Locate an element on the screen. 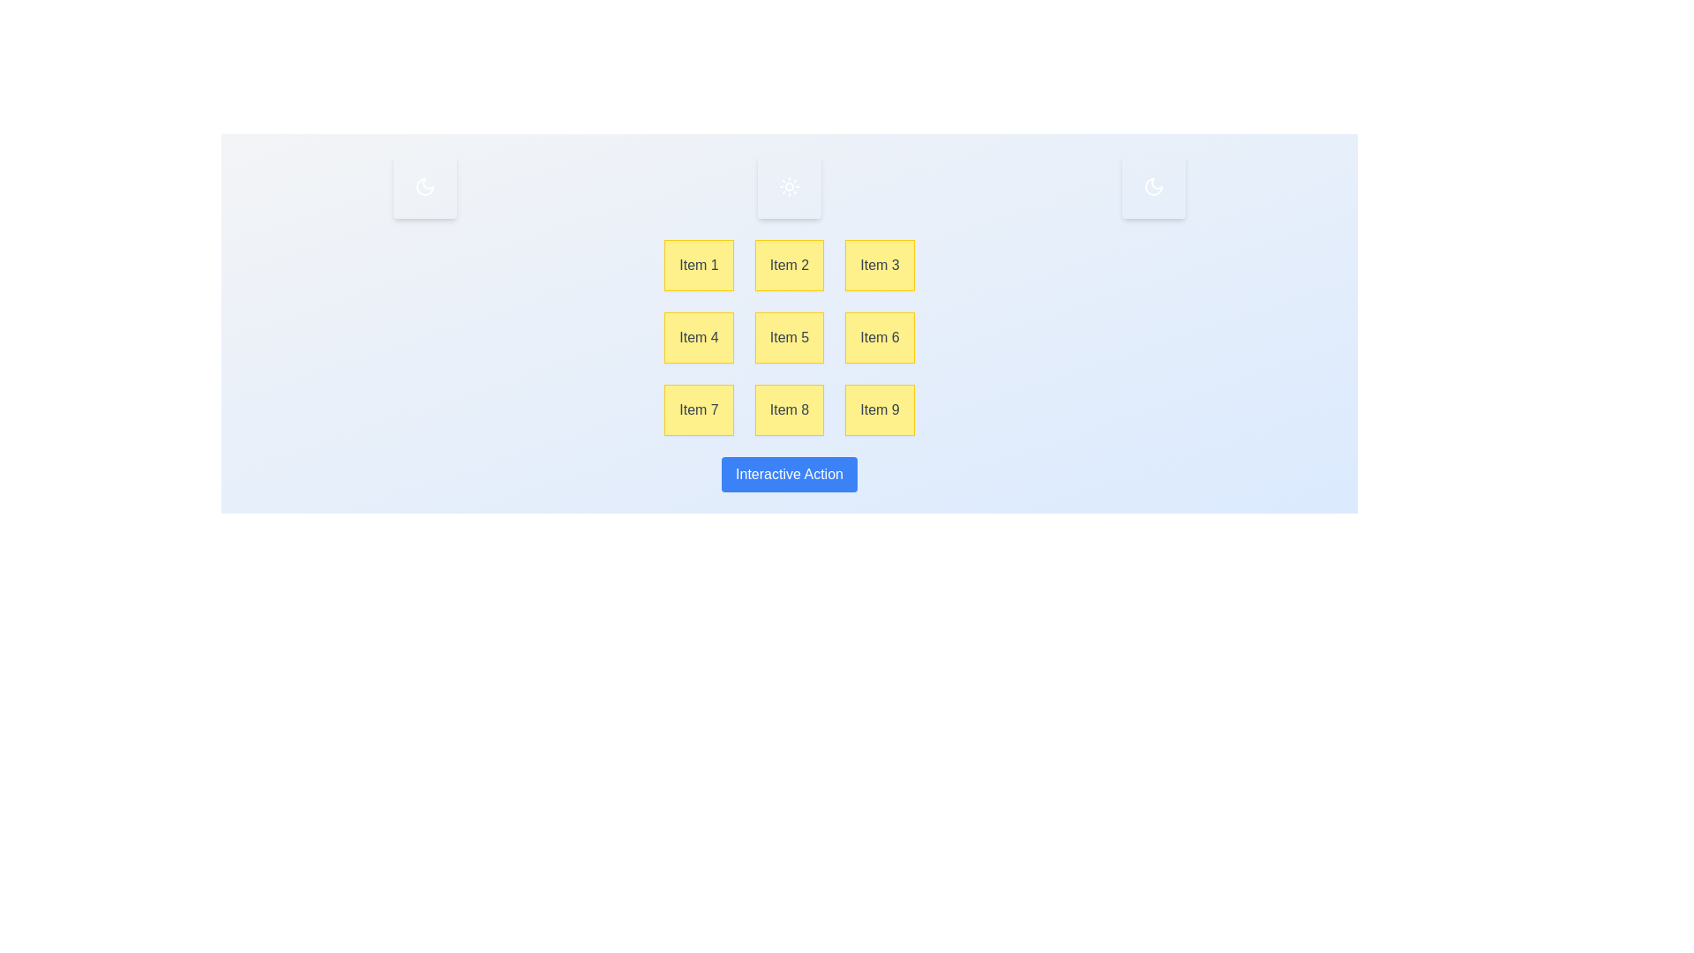 Image resolution: width=1694 pixels, height=953 pixels. label component displaying 'Item 4' located in the second column and second row of the grid layout is located at coordinates (698, 337).